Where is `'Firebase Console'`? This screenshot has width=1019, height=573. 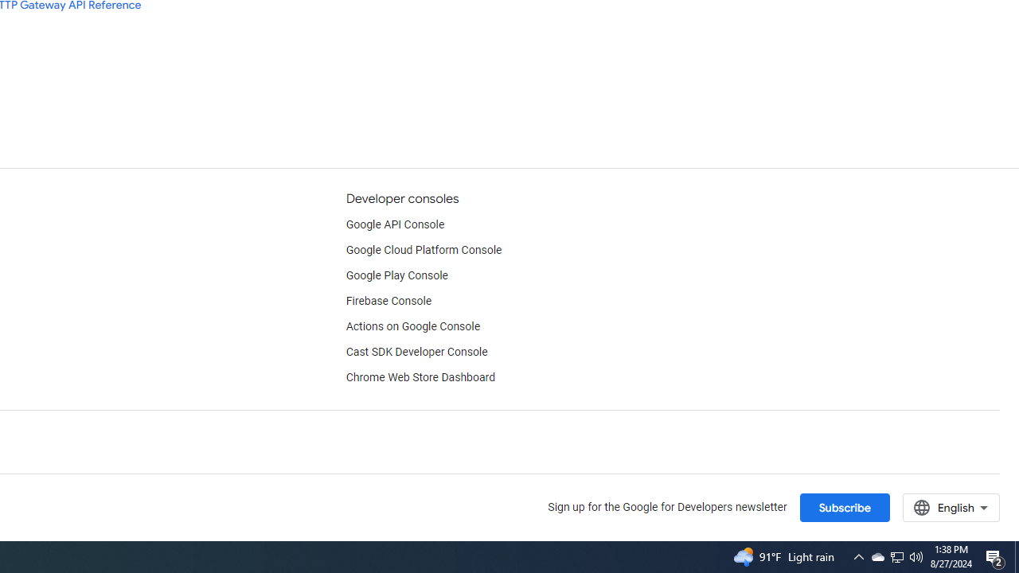
'Firebase Console' is located at coordinates (388, 302).